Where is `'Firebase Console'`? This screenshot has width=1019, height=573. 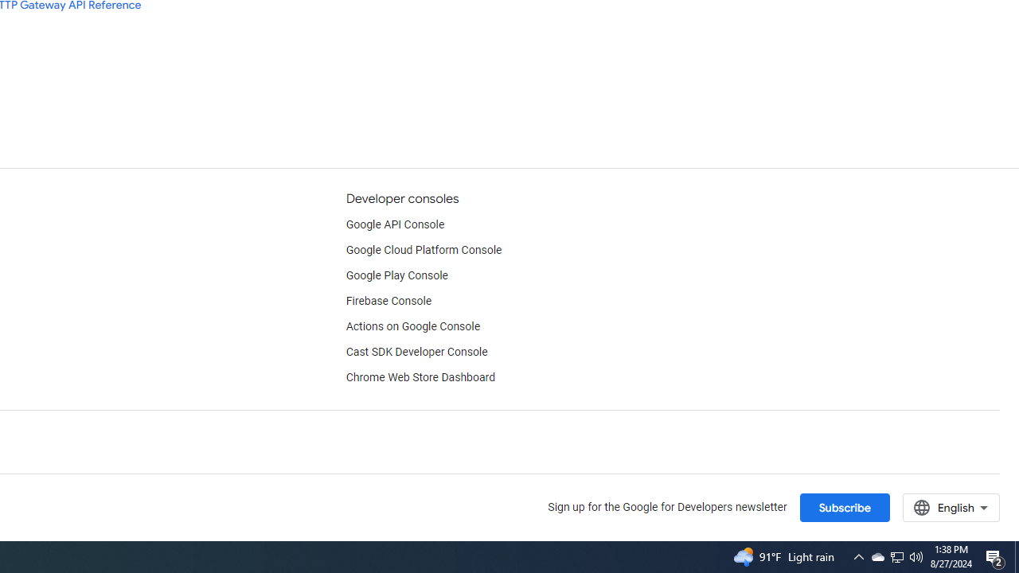
'Firebase Console' is located at coordinates (388, 302).